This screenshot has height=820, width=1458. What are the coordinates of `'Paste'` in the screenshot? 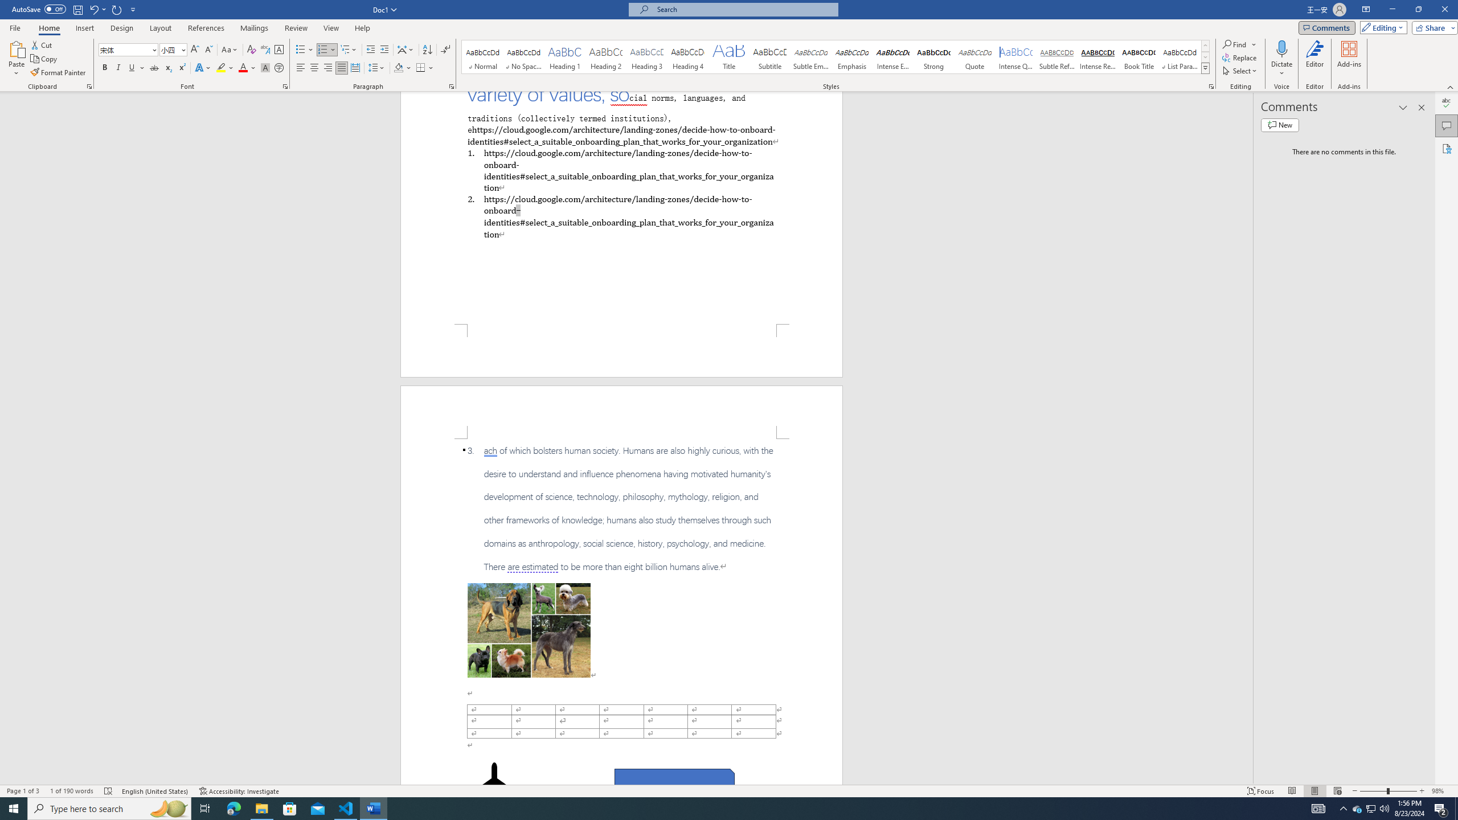 It's located at (16, 48).